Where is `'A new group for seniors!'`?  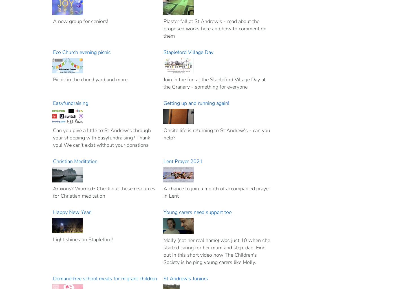
'A new group for seniors!' is located at coordinates (80, 21).